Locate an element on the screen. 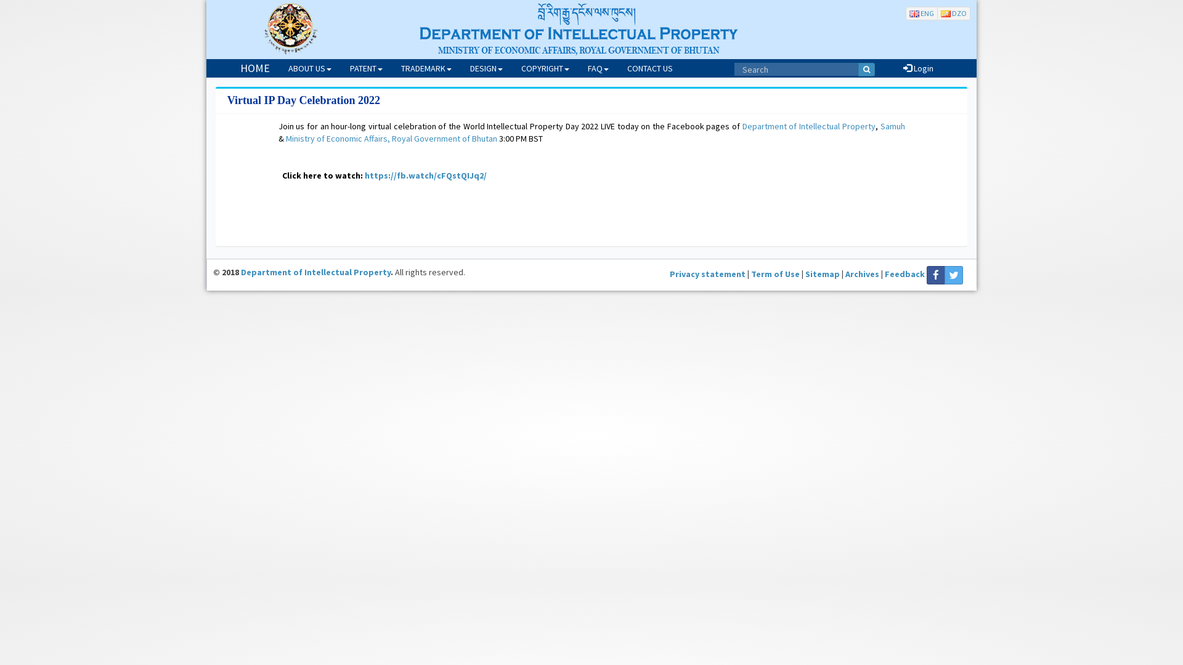 The width and height of the screenshot is (1183, 665). 'CONTACT US' is located at coordinates (649, 68).